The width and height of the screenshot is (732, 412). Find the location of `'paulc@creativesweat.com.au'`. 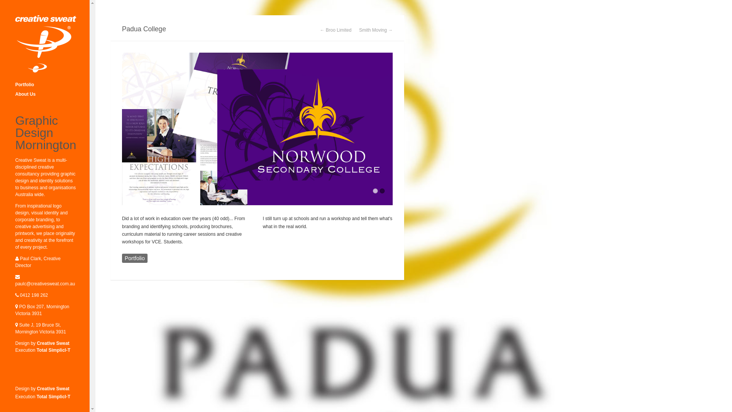

'paulc@creativesweat.com.au' is located at coordinates (45, 284).